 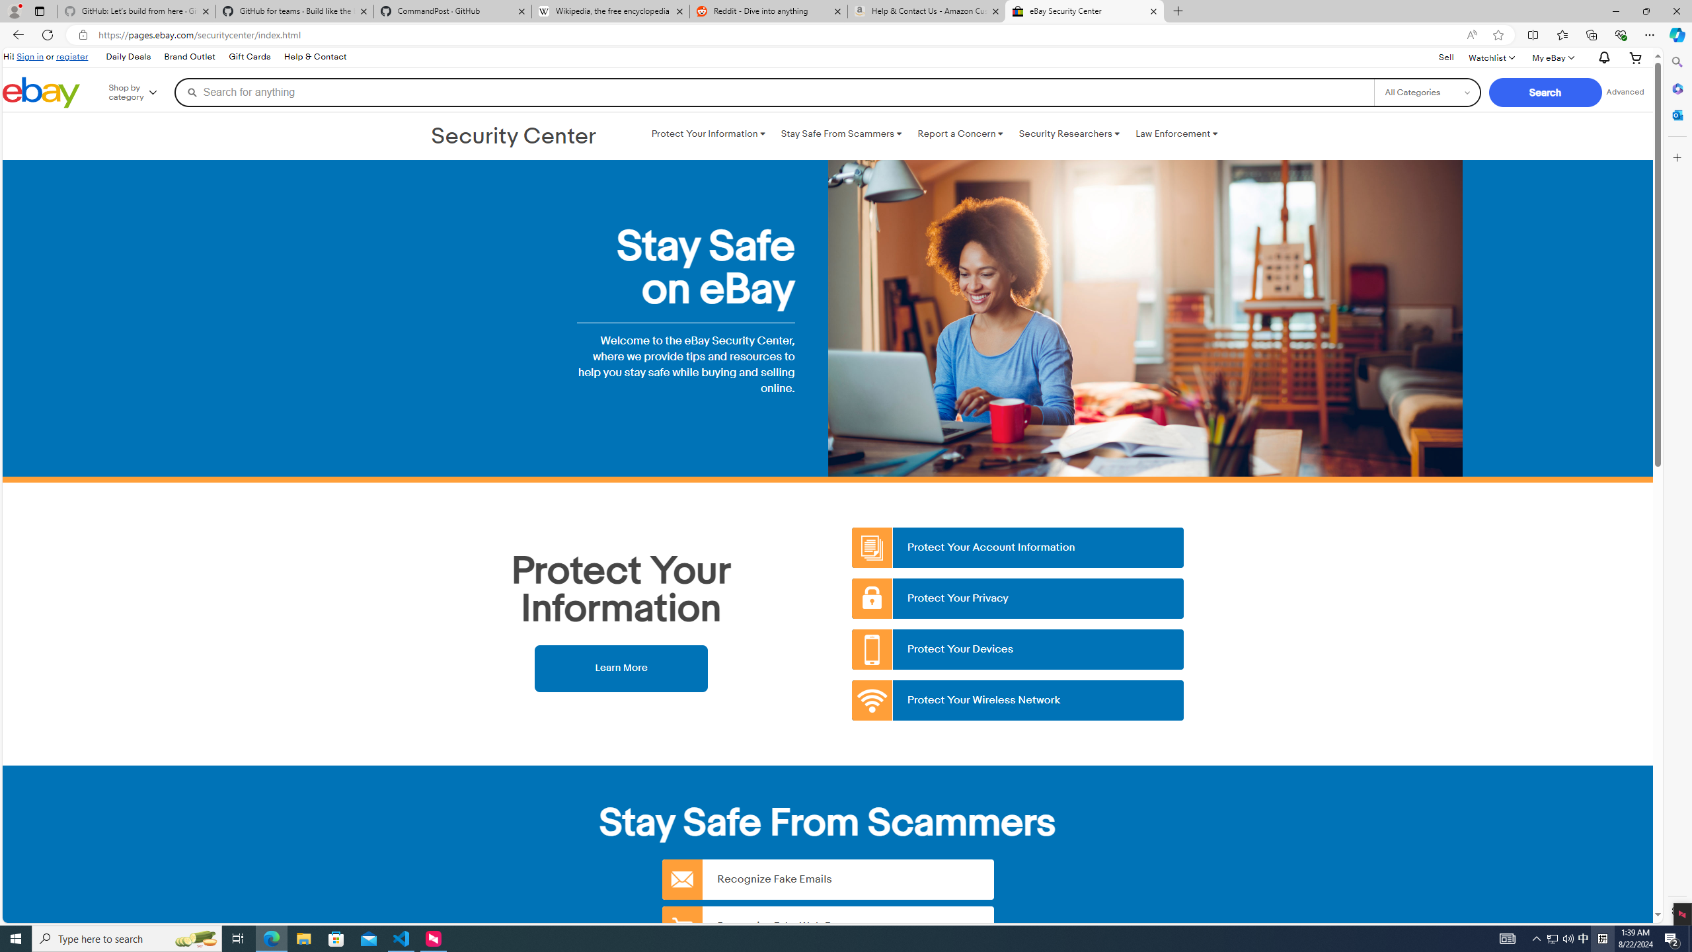 I want to click on 'Learn More', so click(x=620, y=668).